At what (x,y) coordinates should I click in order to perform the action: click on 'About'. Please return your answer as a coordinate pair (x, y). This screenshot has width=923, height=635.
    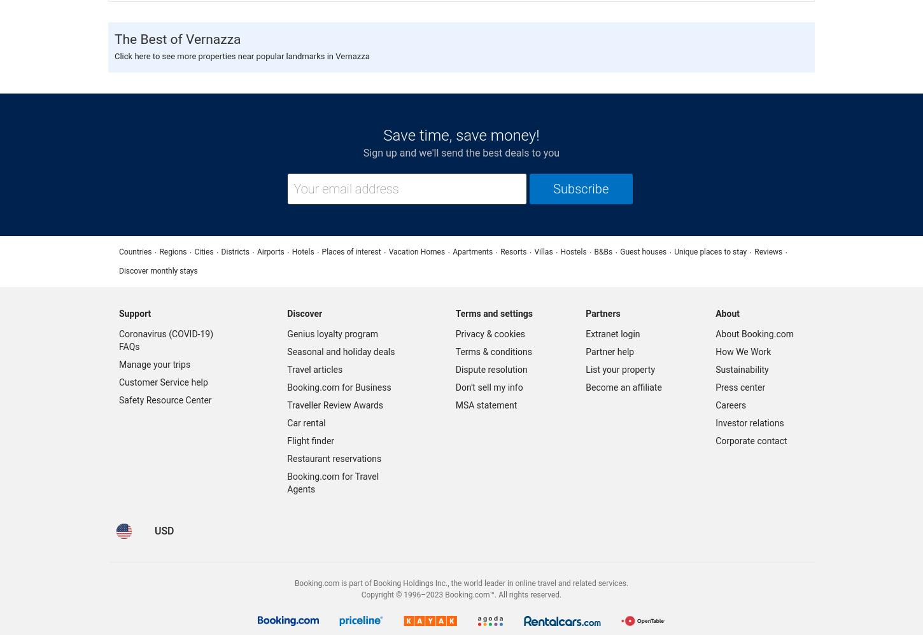
    Looking at the image, I should click on (726, 312).